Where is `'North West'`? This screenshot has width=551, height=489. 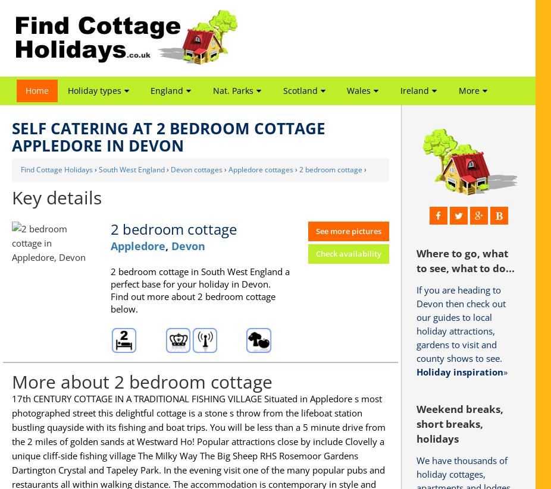
'North West' is located at coordinates (169, 137).